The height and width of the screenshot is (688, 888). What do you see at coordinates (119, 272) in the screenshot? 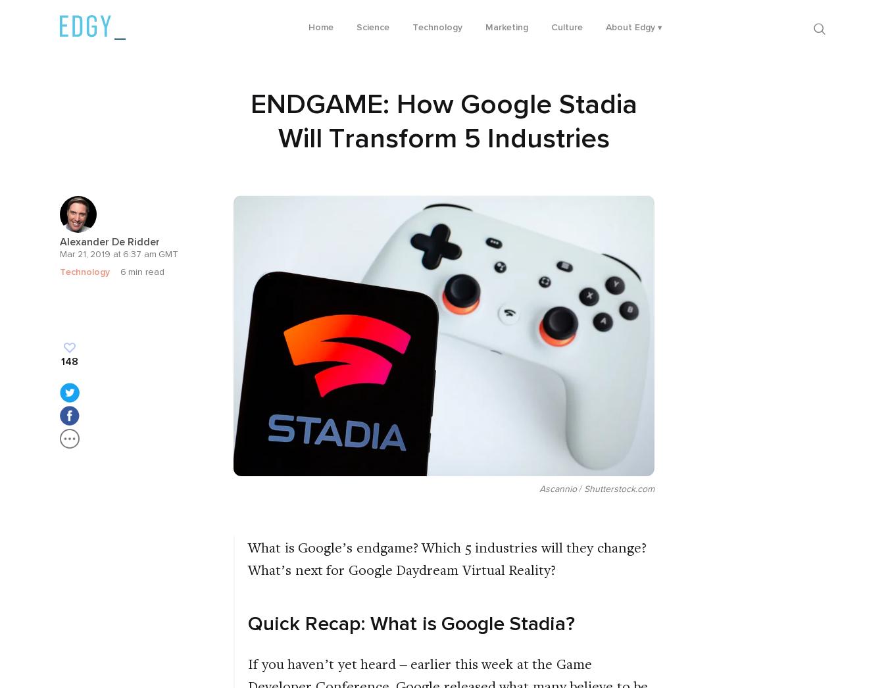
I see `'6 min read'` at bounding box center [119, 272].